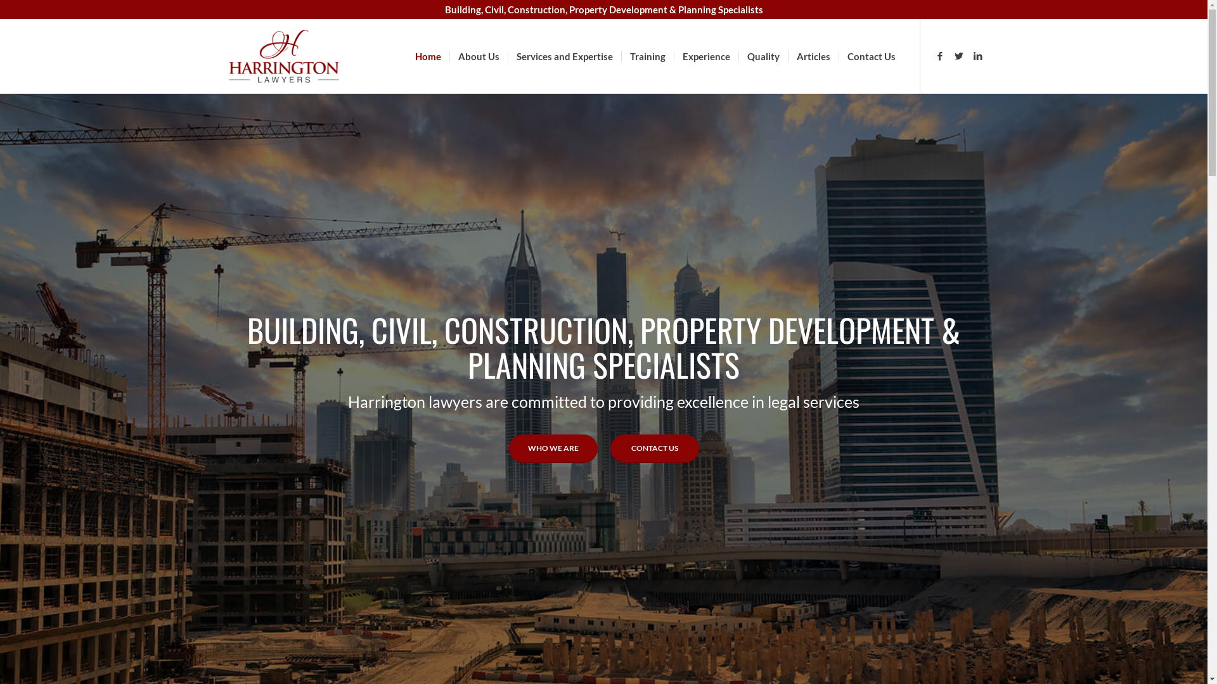 The image size is (1217, 684). Describe the element at coordinates (958, 55) in the screenshot. I see `'Twitter'` at that location.